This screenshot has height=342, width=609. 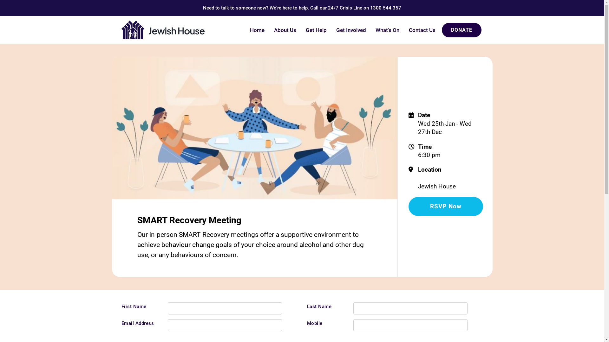 I want to click on 'RSVP Now', so click(x=445, y=206).